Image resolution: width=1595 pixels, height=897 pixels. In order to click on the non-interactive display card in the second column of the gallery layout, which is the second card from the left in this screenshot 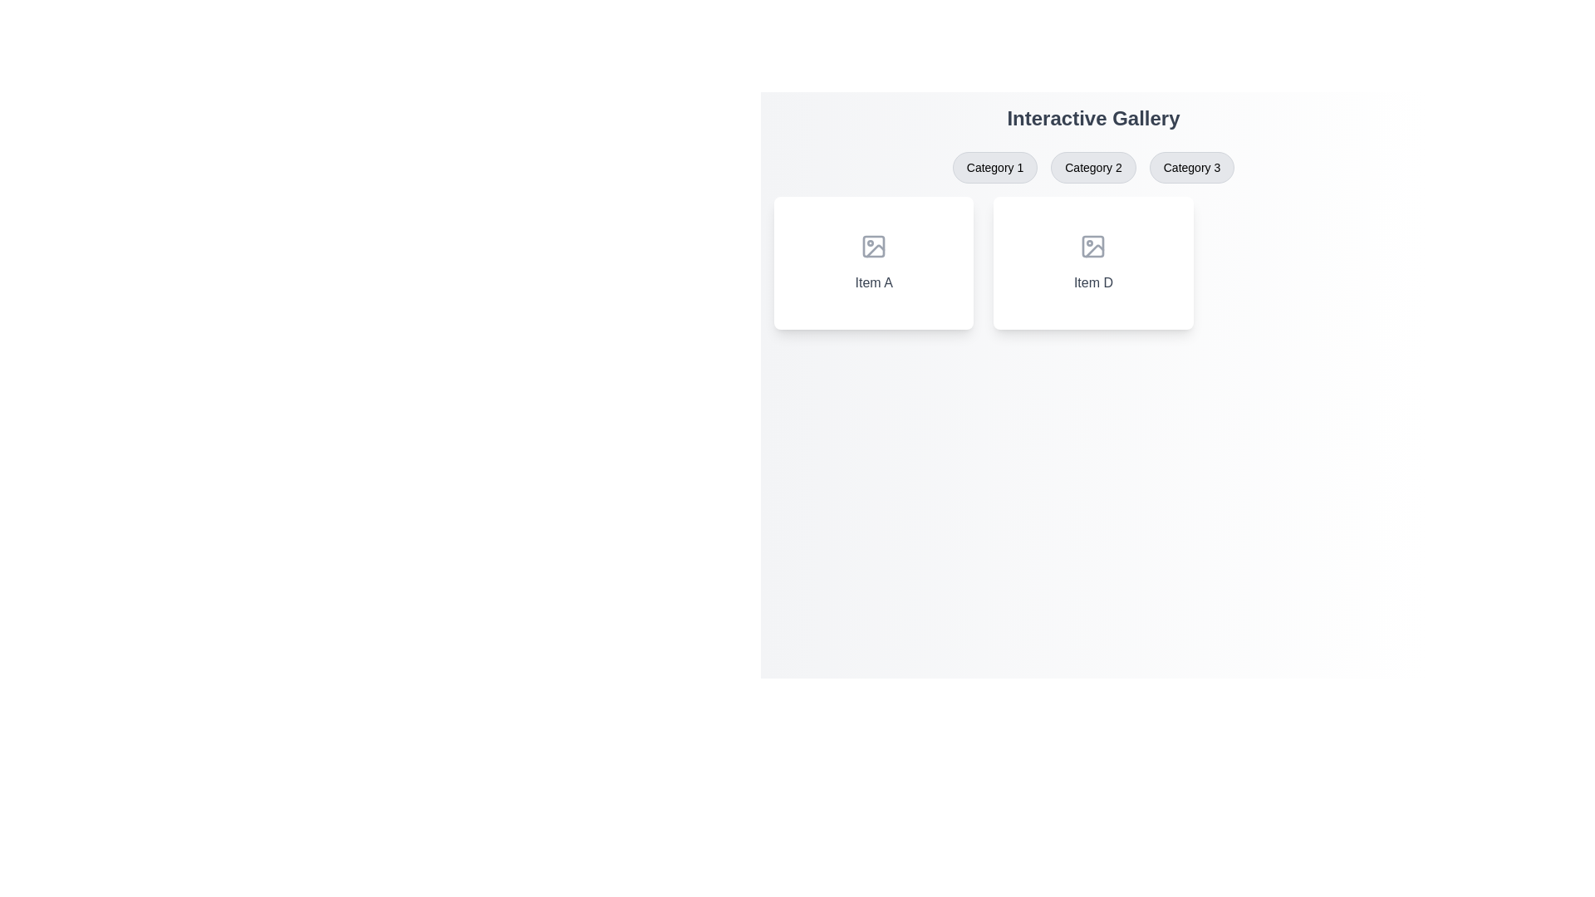, I will do `click(1093, 262)`.